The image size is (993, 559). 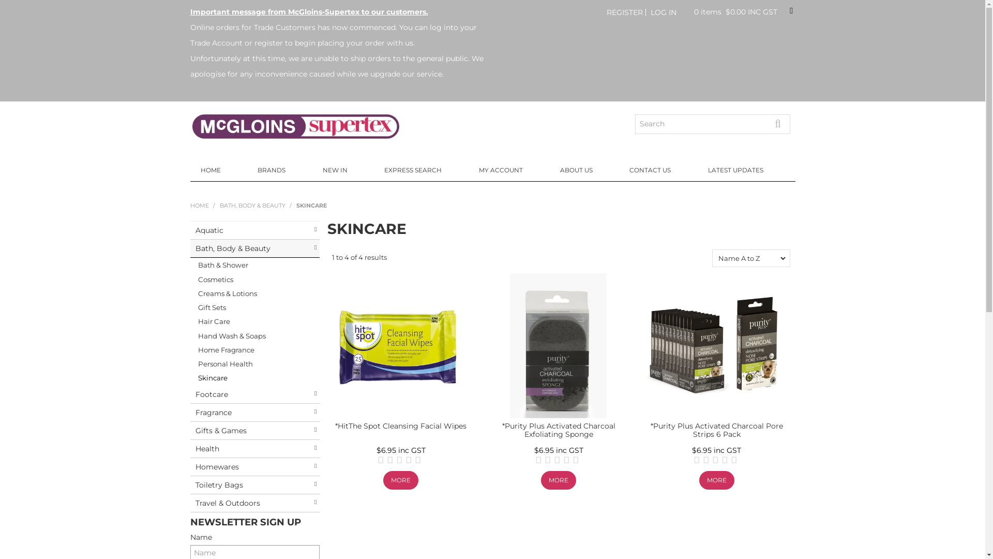 I want to click on 'ABOUT US', so click(x=584, y=169).